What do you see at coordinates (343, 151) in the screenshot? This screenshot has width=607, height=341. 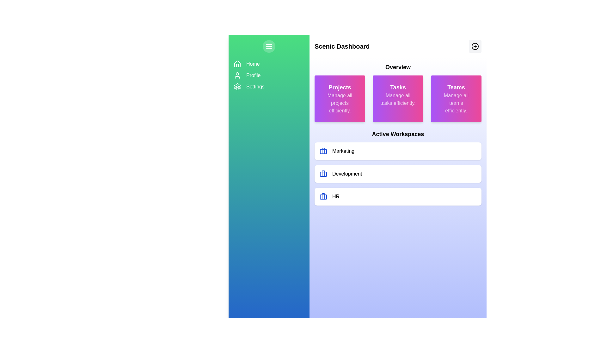 I see `the text label that identifies the name of the workspace section within the first item of the vertical list under 'Active Workspaces'` at bounding box center [343, 151].